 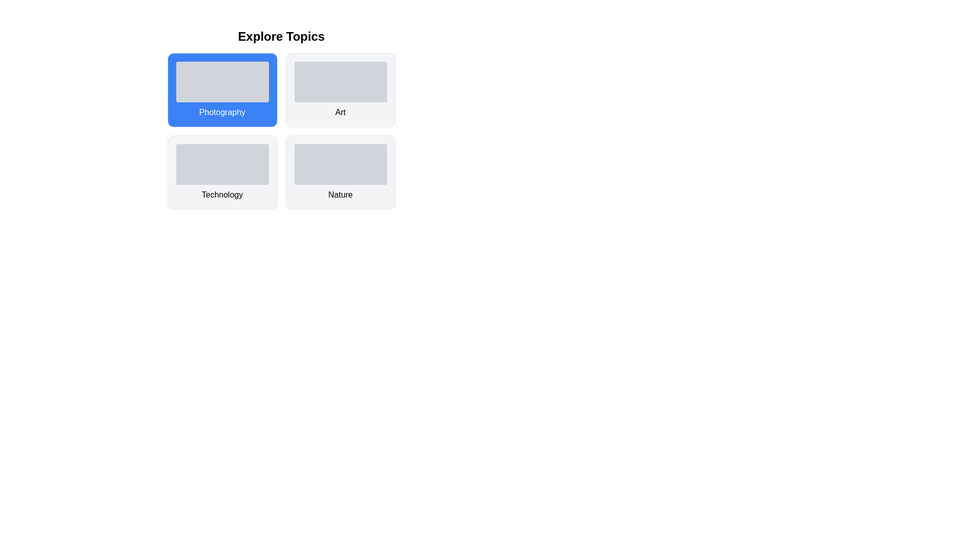 I want to click on the card labeled Art, so click(x=340, y=90).